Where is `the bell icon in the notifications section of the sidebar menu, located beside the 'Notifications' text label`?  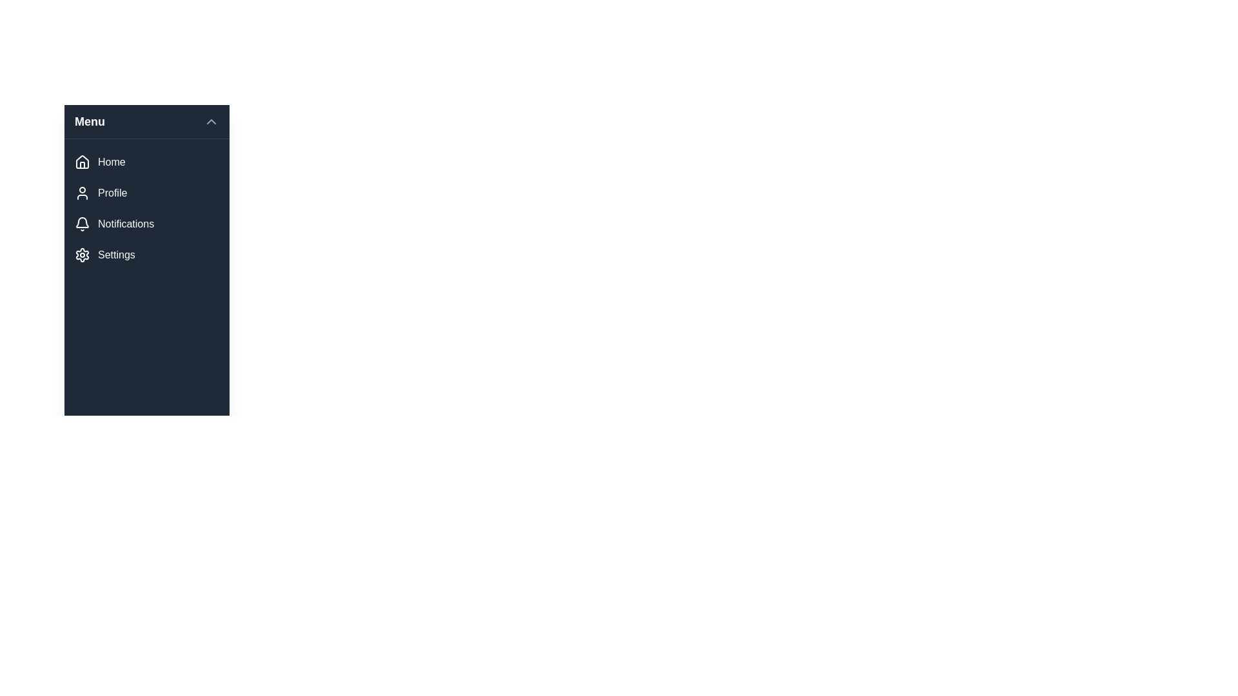
the bell icon in the notifications section of the sidebar menu, located beside the 'Notifications' text label is located at coordinates (82, 222).